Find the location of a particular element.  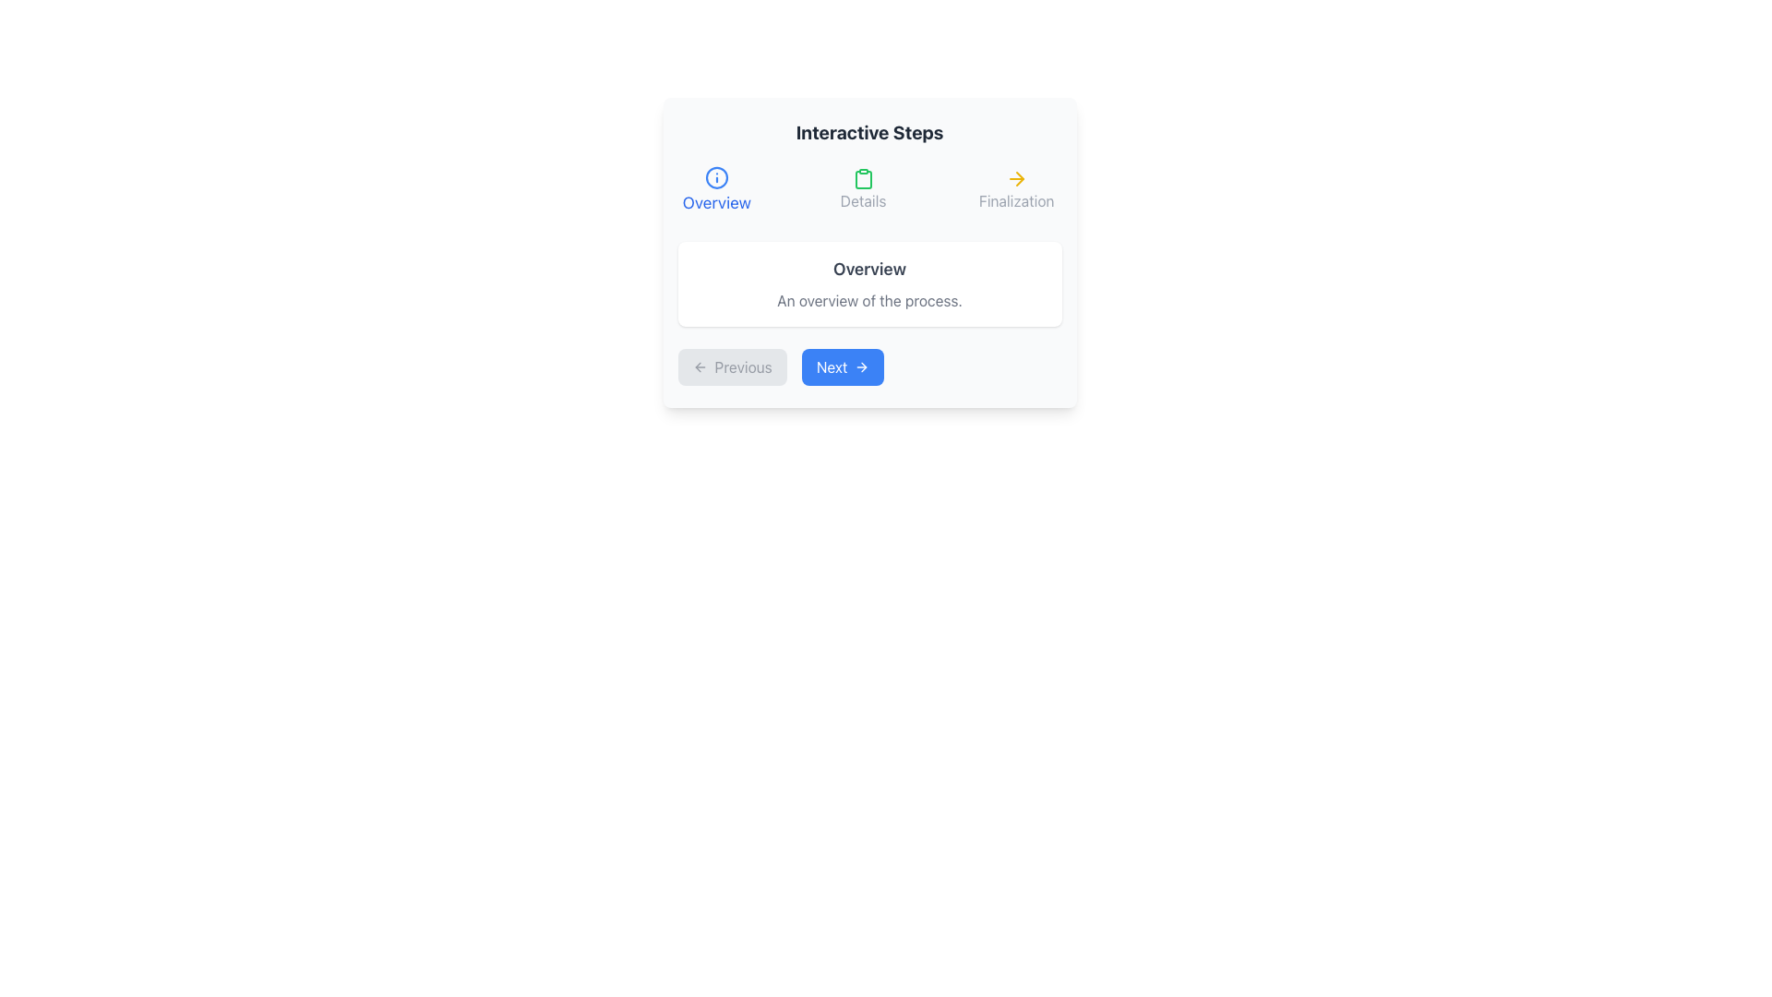

the Text Label that provides context for the clipboard icon above it, located at the center of the UI between 'Overview' and 'Finalization' is located at coordinates (862, 201).